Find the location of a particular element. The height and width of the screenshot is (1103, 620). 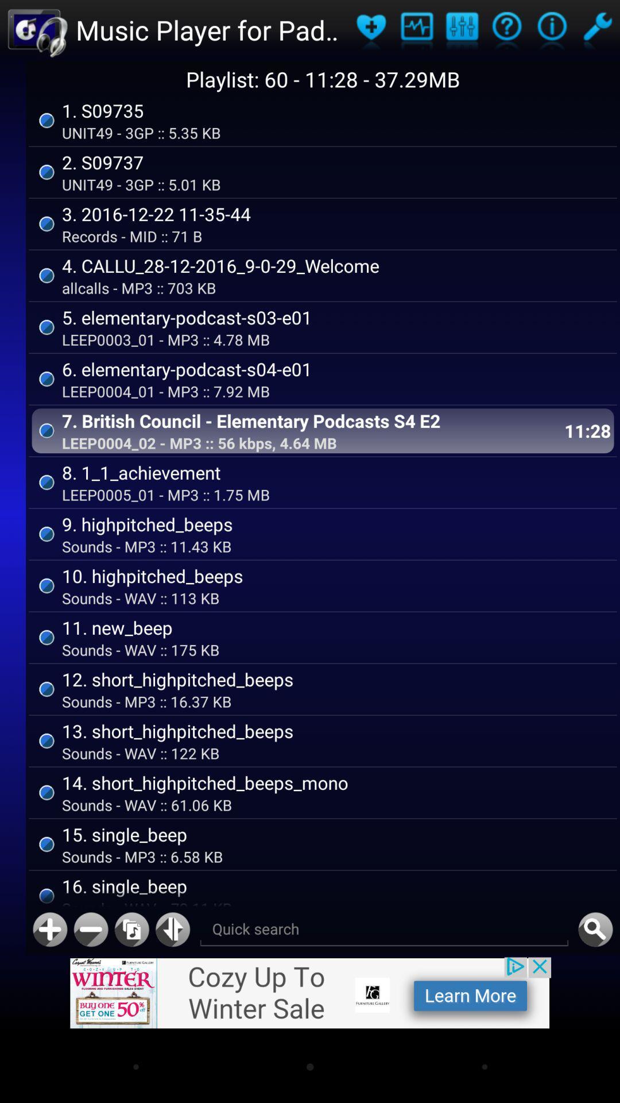

music is located at coordinates (131, 930).